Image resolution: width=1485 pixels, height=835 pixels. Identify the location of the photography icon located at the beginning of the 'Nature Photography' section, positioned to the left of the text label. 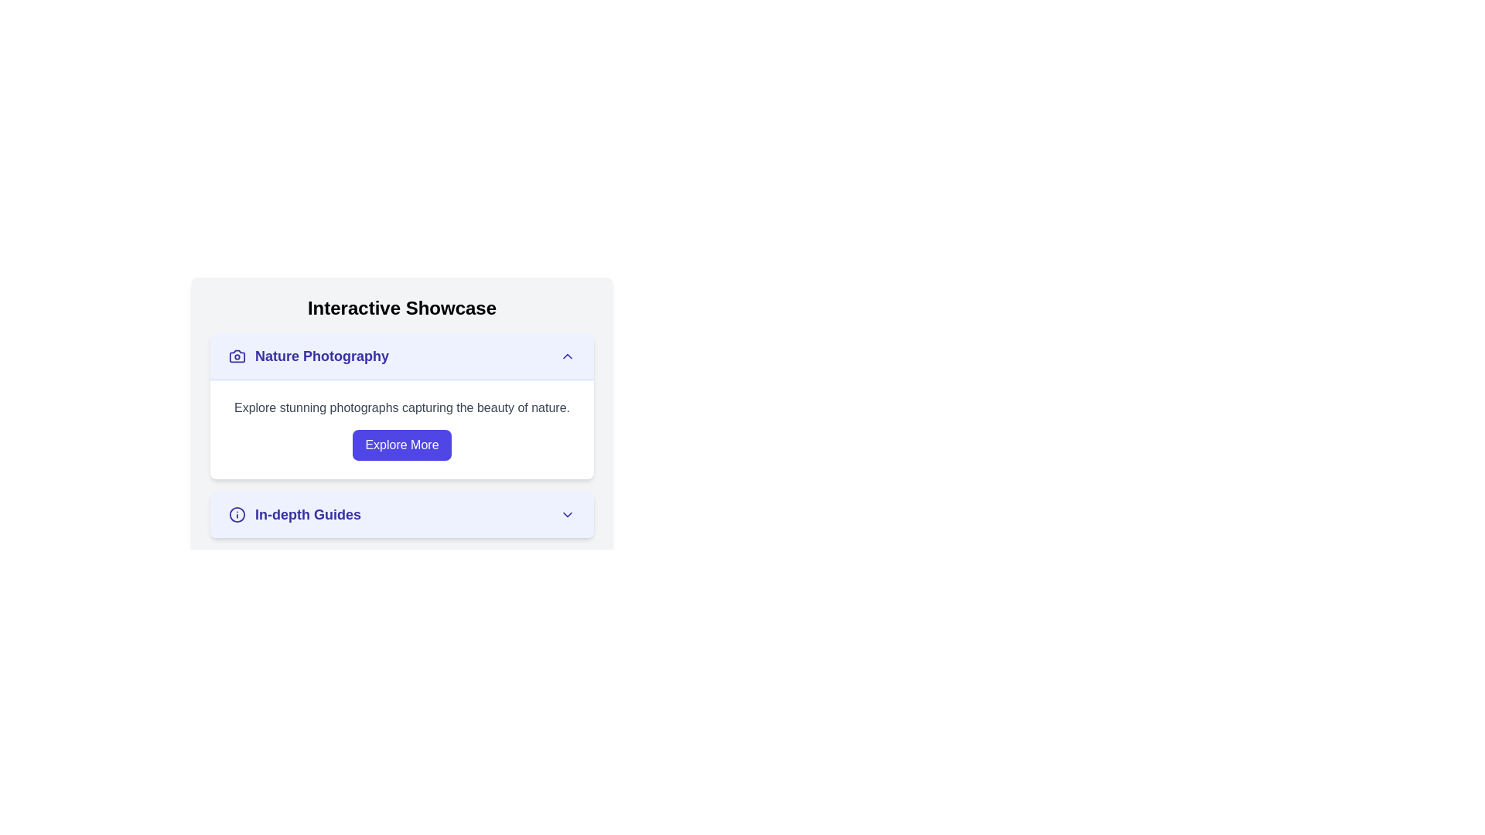
(237, 356).